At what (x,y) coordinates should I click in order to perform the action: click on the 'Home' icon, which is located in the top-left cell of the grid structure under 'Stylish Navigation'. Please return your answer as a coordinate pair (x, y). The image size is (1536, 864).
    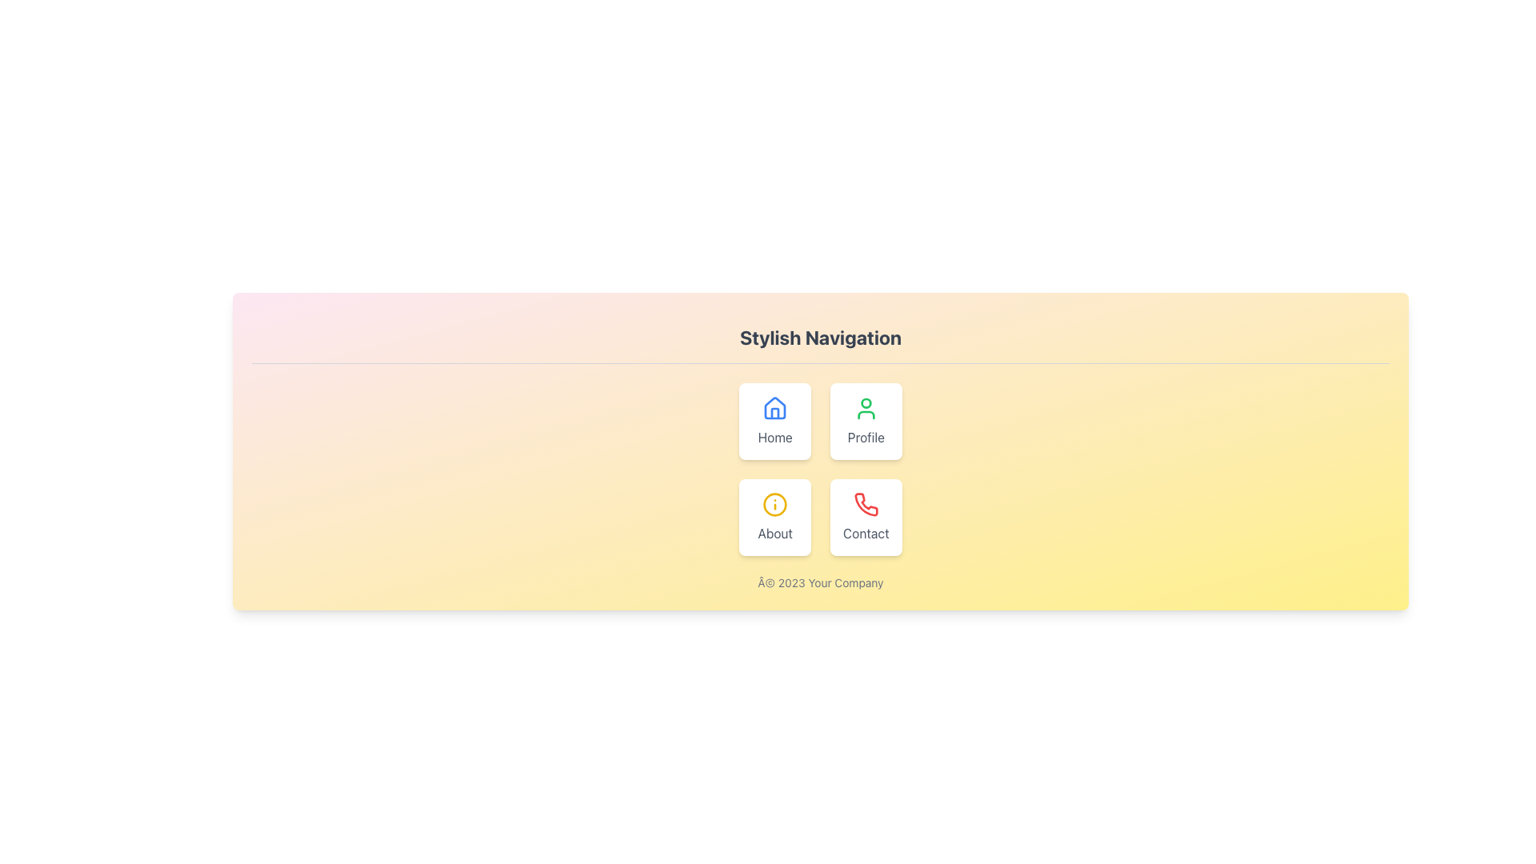
    Looking at the image, I should click on (775, 407).